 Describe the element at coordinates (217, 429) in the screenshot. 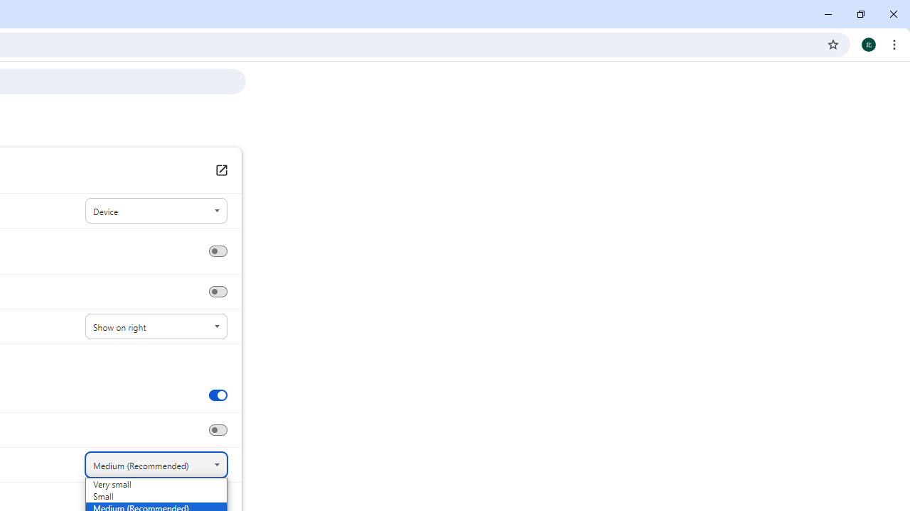

I see `'Show tab memory usage'` at that location.